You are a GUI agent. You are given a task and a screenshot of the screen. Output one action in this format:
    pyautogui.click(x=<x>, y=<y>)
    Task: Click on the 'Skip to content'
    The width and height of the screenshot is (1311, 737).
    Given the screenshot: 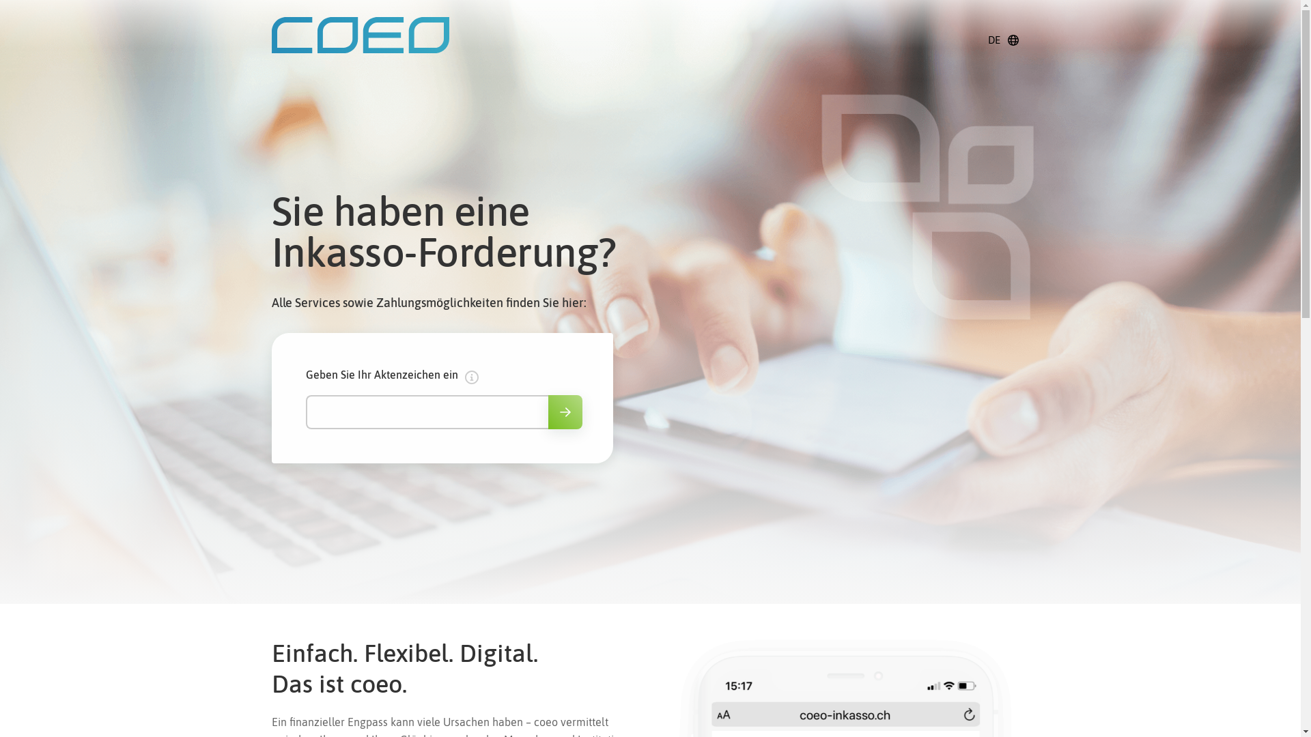 What is the action you would take?
    pyautogui.click(x=16, y=16)
    